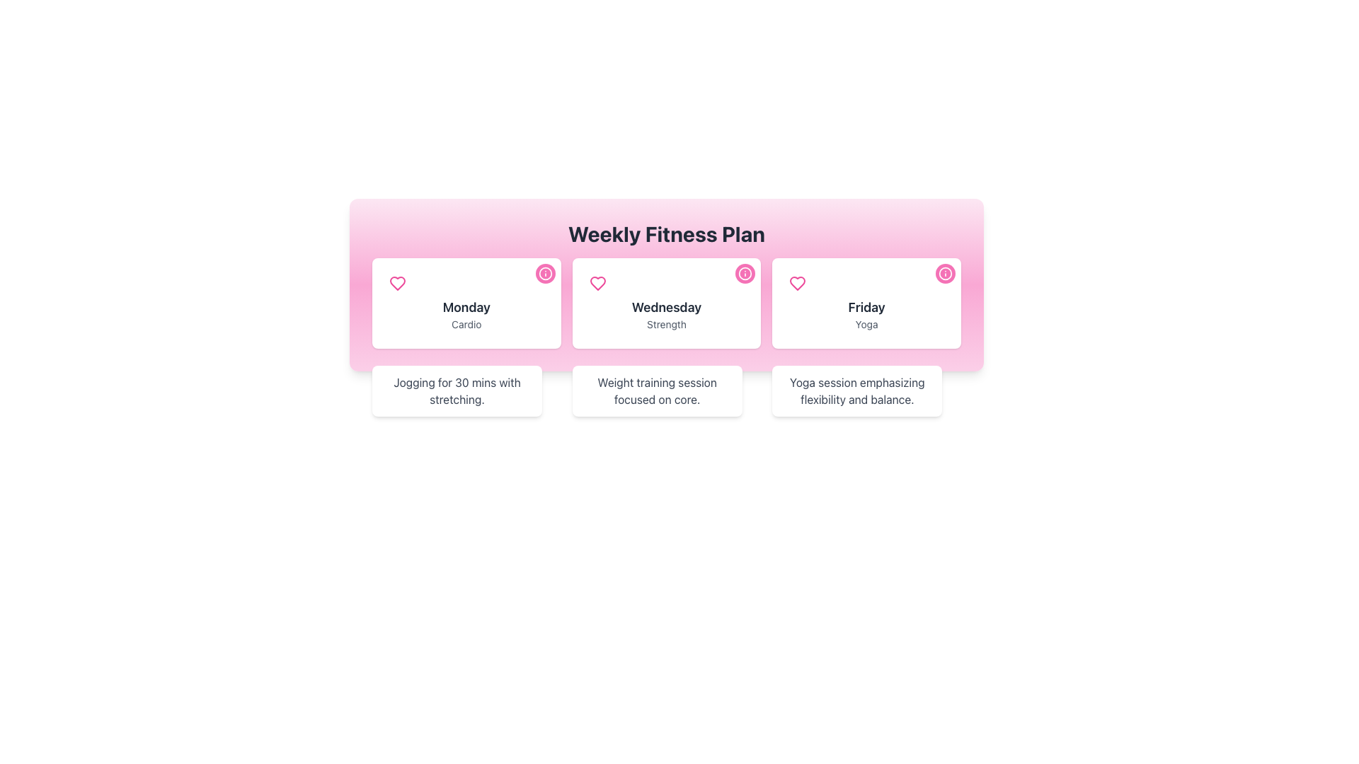 This screenshot has height=764, width=1359. What do you see at coordinates (866, 325) in the screenshot?
I see `descriptive text for the 'Yoga' activity associated with the 'Friday' card, which is the second text line within the card and centrally placed below the 'Friday' title` at bounding box center [866, 325].